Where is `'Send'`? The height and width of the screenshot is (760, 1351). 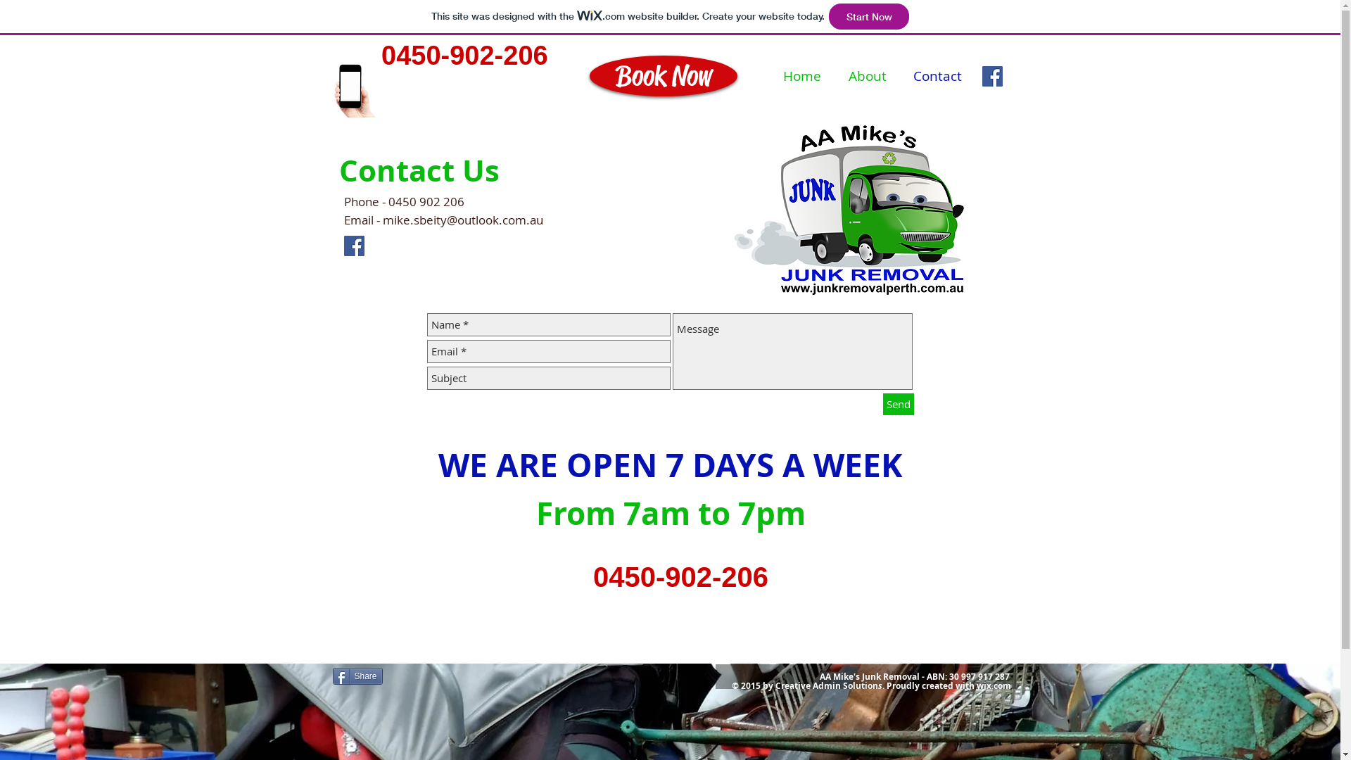
'Send' is located at coordinates (897, 404).